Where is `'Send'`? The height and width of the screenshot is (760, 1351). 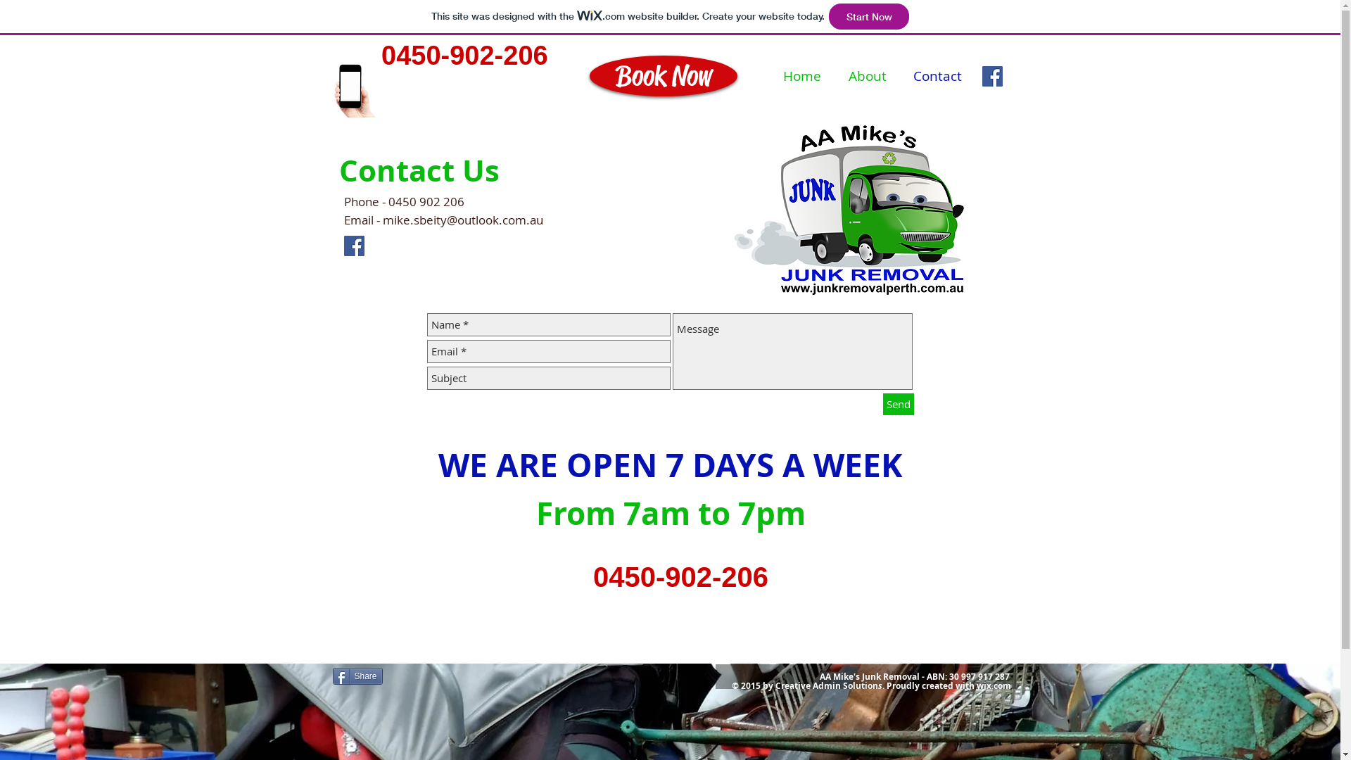
'Send' is located at coordinates (897, 404).